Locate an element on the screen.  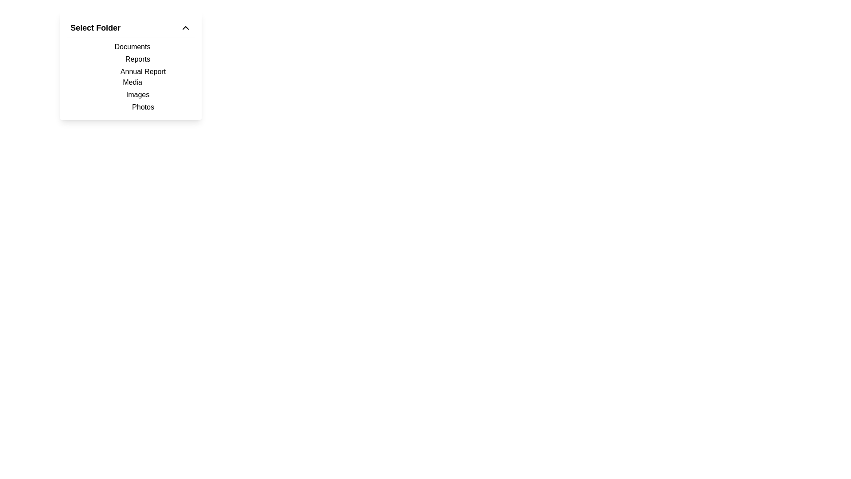
the 'Annual Report' option in the dropdown menu is located at coordinates (137, 70).